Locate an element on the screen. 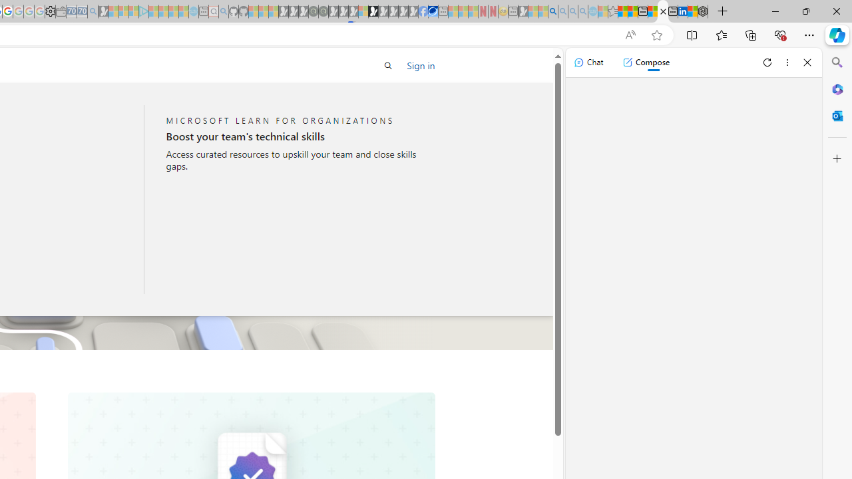 The image size is (852, 479). 'Boost your team' is located at coordinates (294, 136).